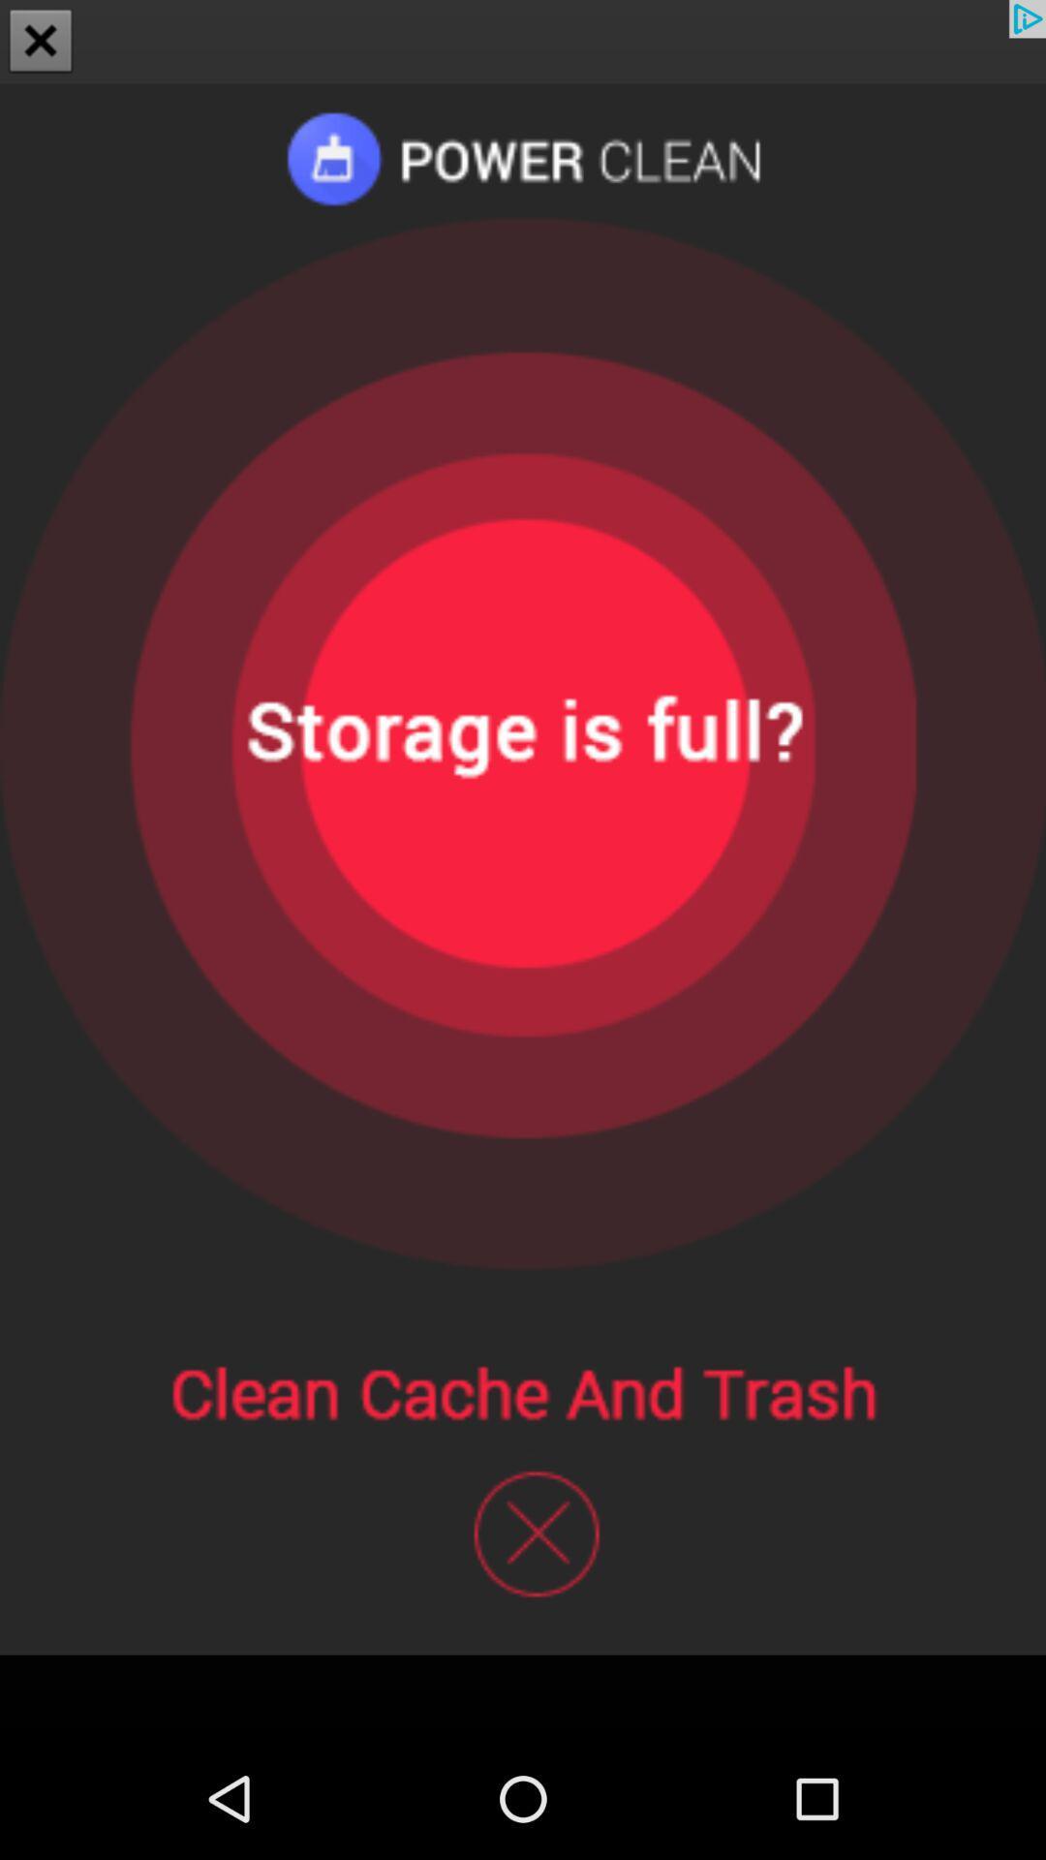 This screenshot has width=1046, height=1860. Describe the element at coordinates (41, 43) in the screenshot. I see `the close icon` at that location.